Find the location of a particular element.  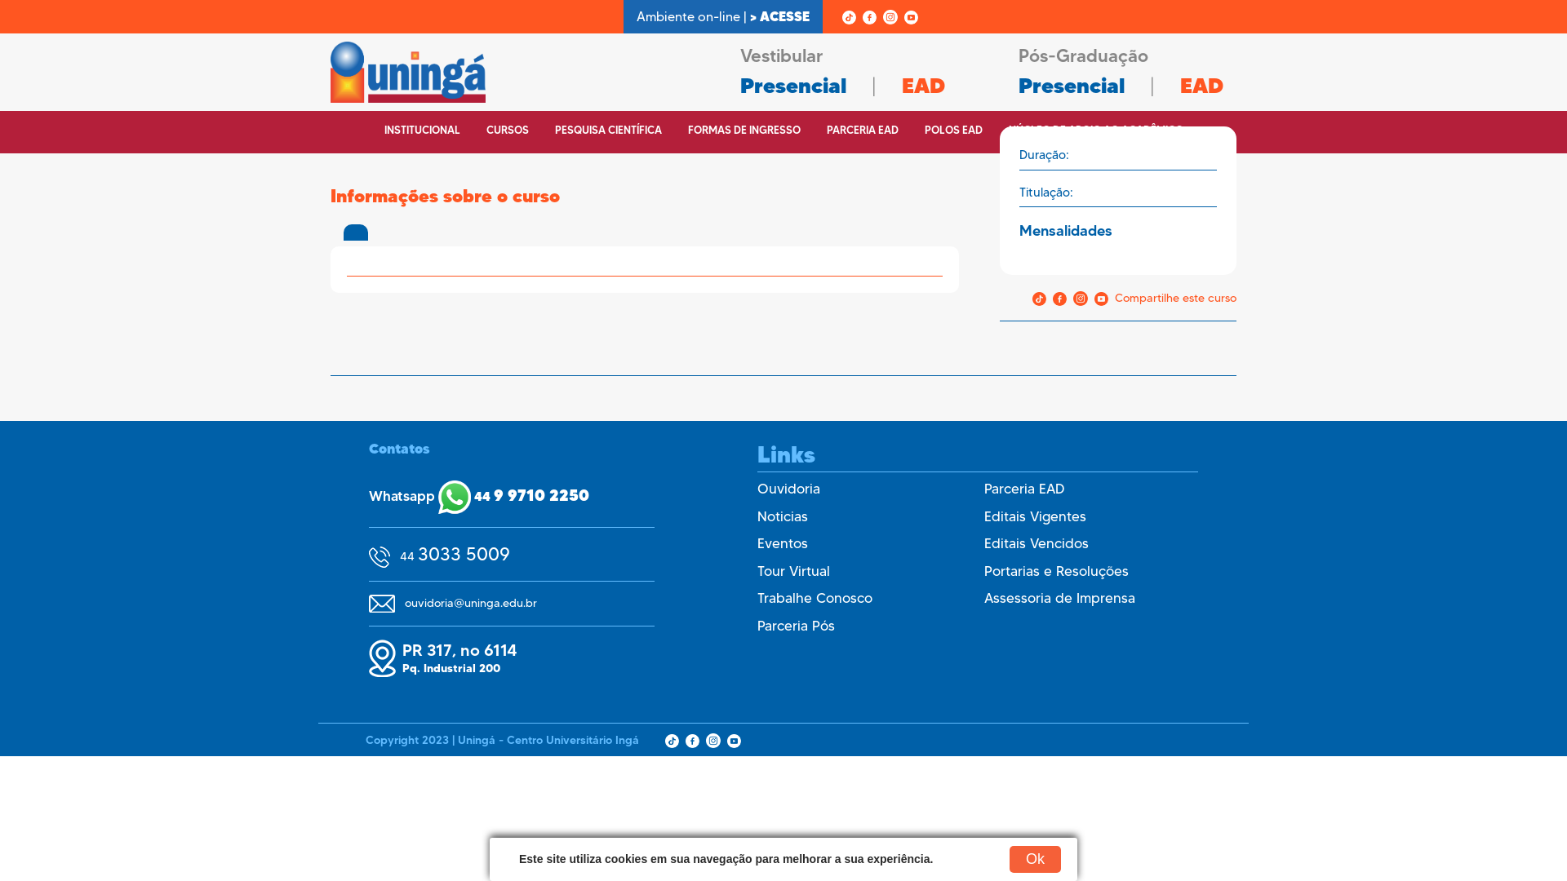

'ouvidoria@uninga.edu.br' is located at coordinates (511, 604).